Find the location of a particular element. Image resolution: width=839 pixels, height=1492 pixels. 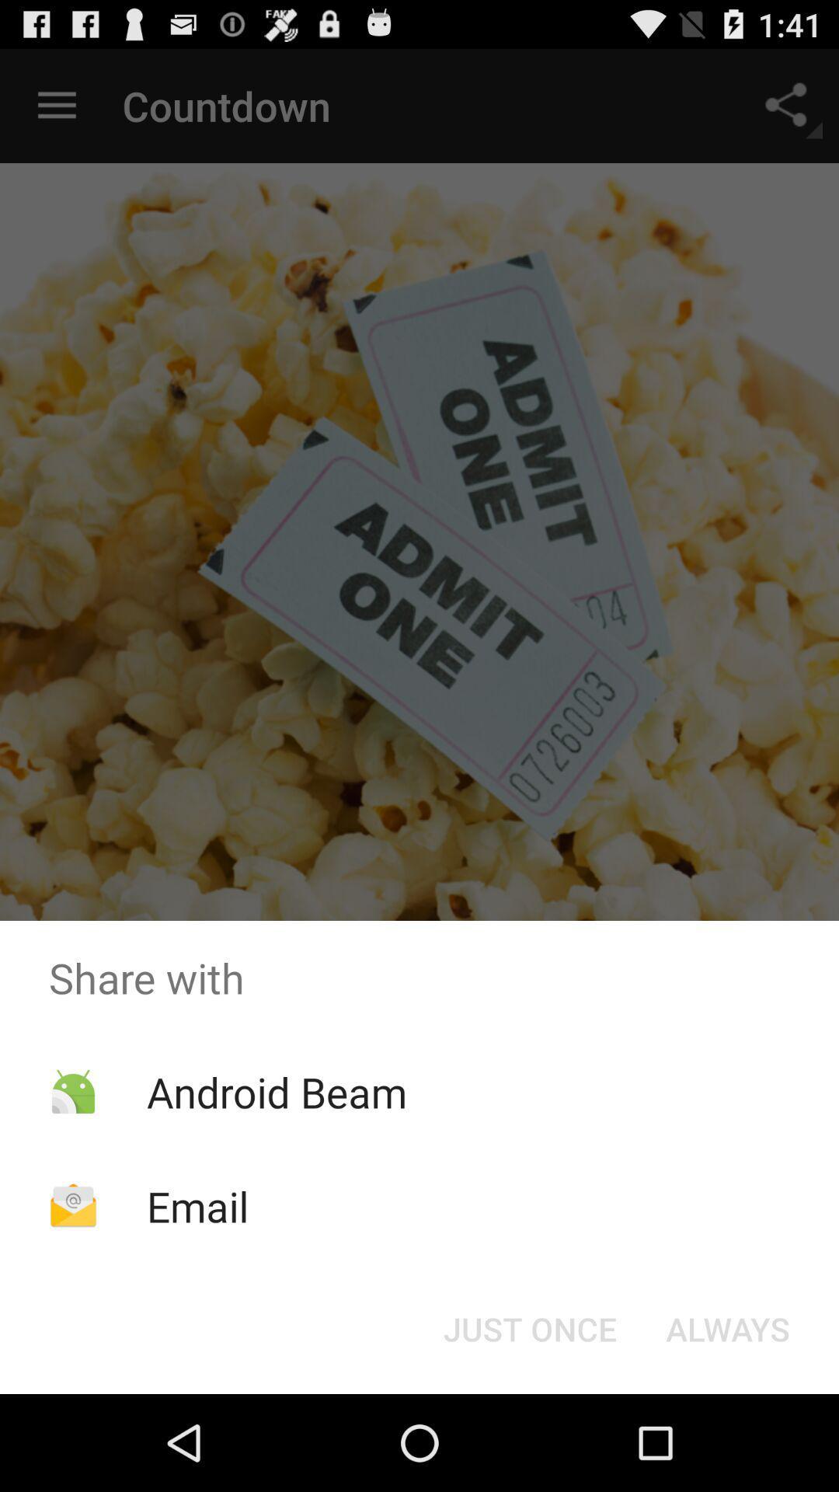

item to the left of always icon is located at coordinates (529, 1327).